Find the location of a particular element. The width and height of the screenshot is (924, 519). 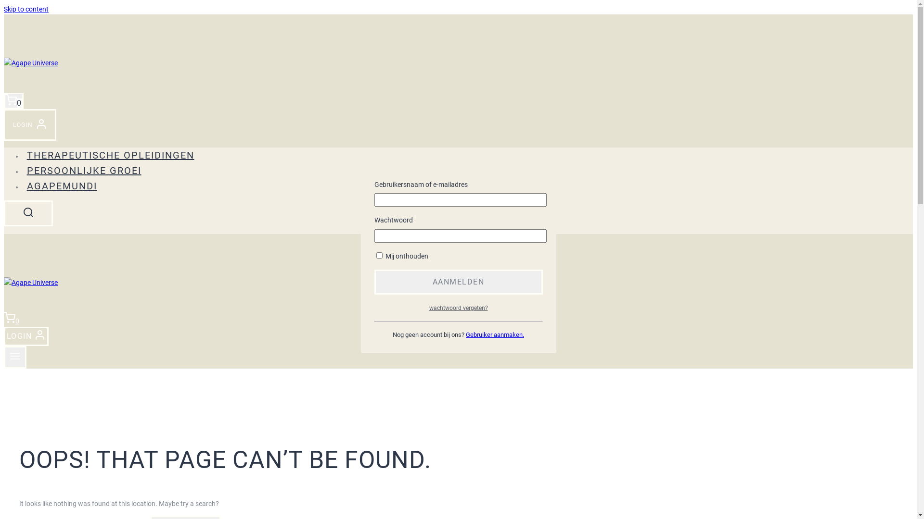

'MANDJE 0' is located at coordinates (13, 100).